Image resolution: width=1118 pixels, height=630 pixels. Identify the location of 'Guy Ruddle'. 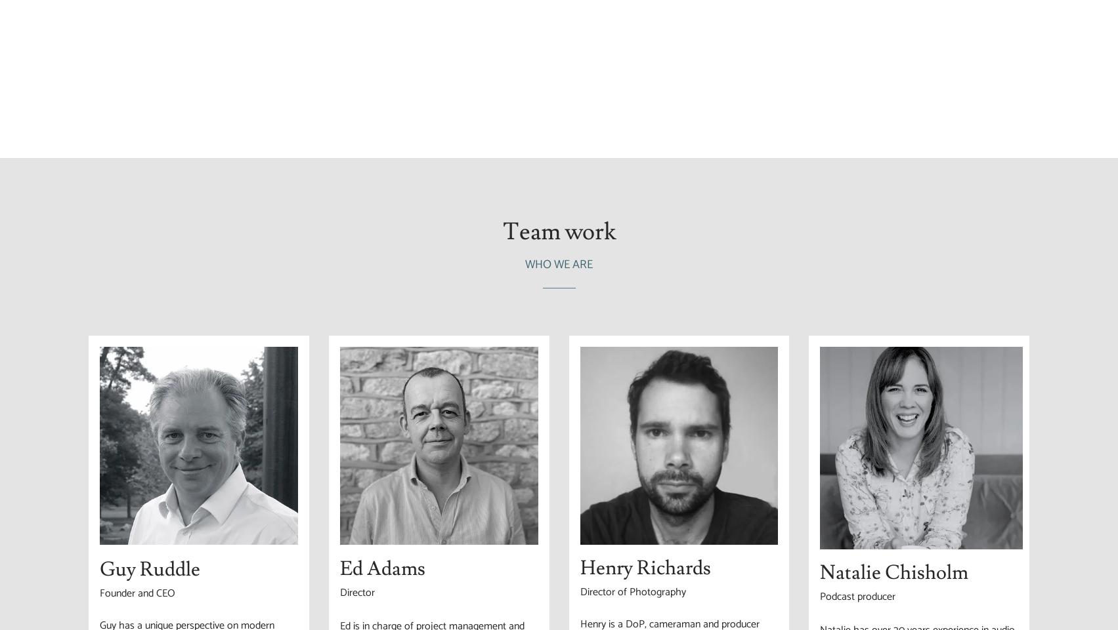
(149, 568).